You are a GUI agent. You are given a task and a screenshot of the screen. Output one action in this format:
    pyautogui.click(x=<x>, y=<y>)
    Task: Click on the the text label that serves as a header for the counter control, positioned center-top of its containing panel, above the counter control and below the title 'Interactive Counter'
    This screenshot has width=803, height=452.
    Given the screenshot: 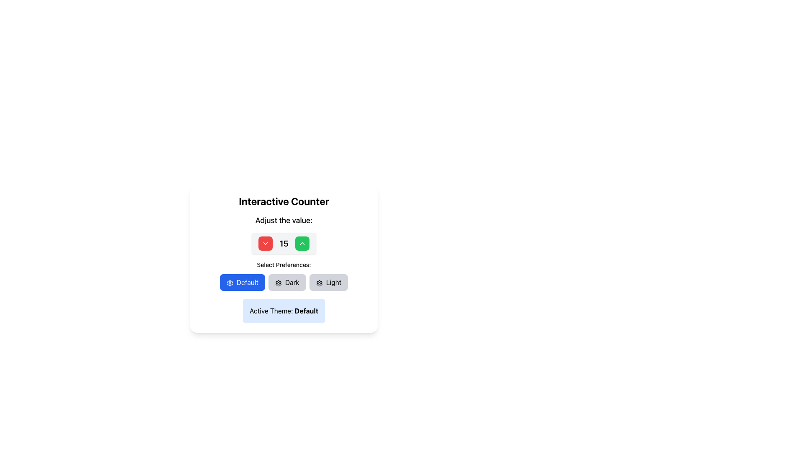 What is the action you would take?
    pyautogui.click(x=284, y=220)
    